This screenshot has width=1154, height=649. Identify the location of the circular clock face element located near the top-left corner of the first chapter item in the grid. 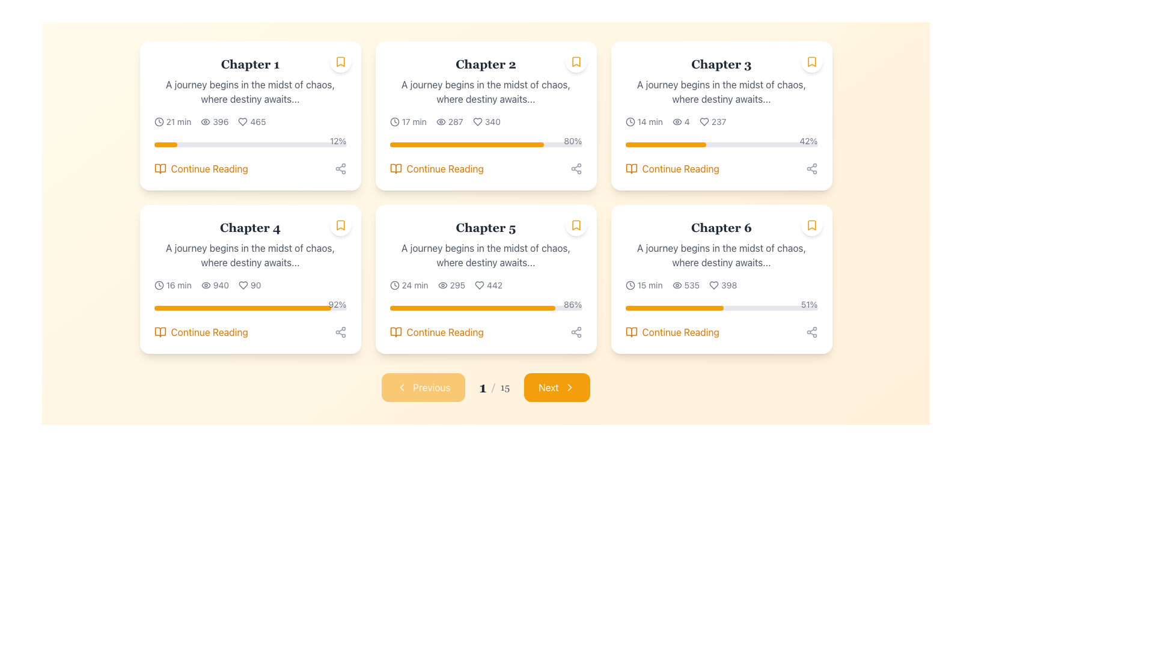
(158, 122).